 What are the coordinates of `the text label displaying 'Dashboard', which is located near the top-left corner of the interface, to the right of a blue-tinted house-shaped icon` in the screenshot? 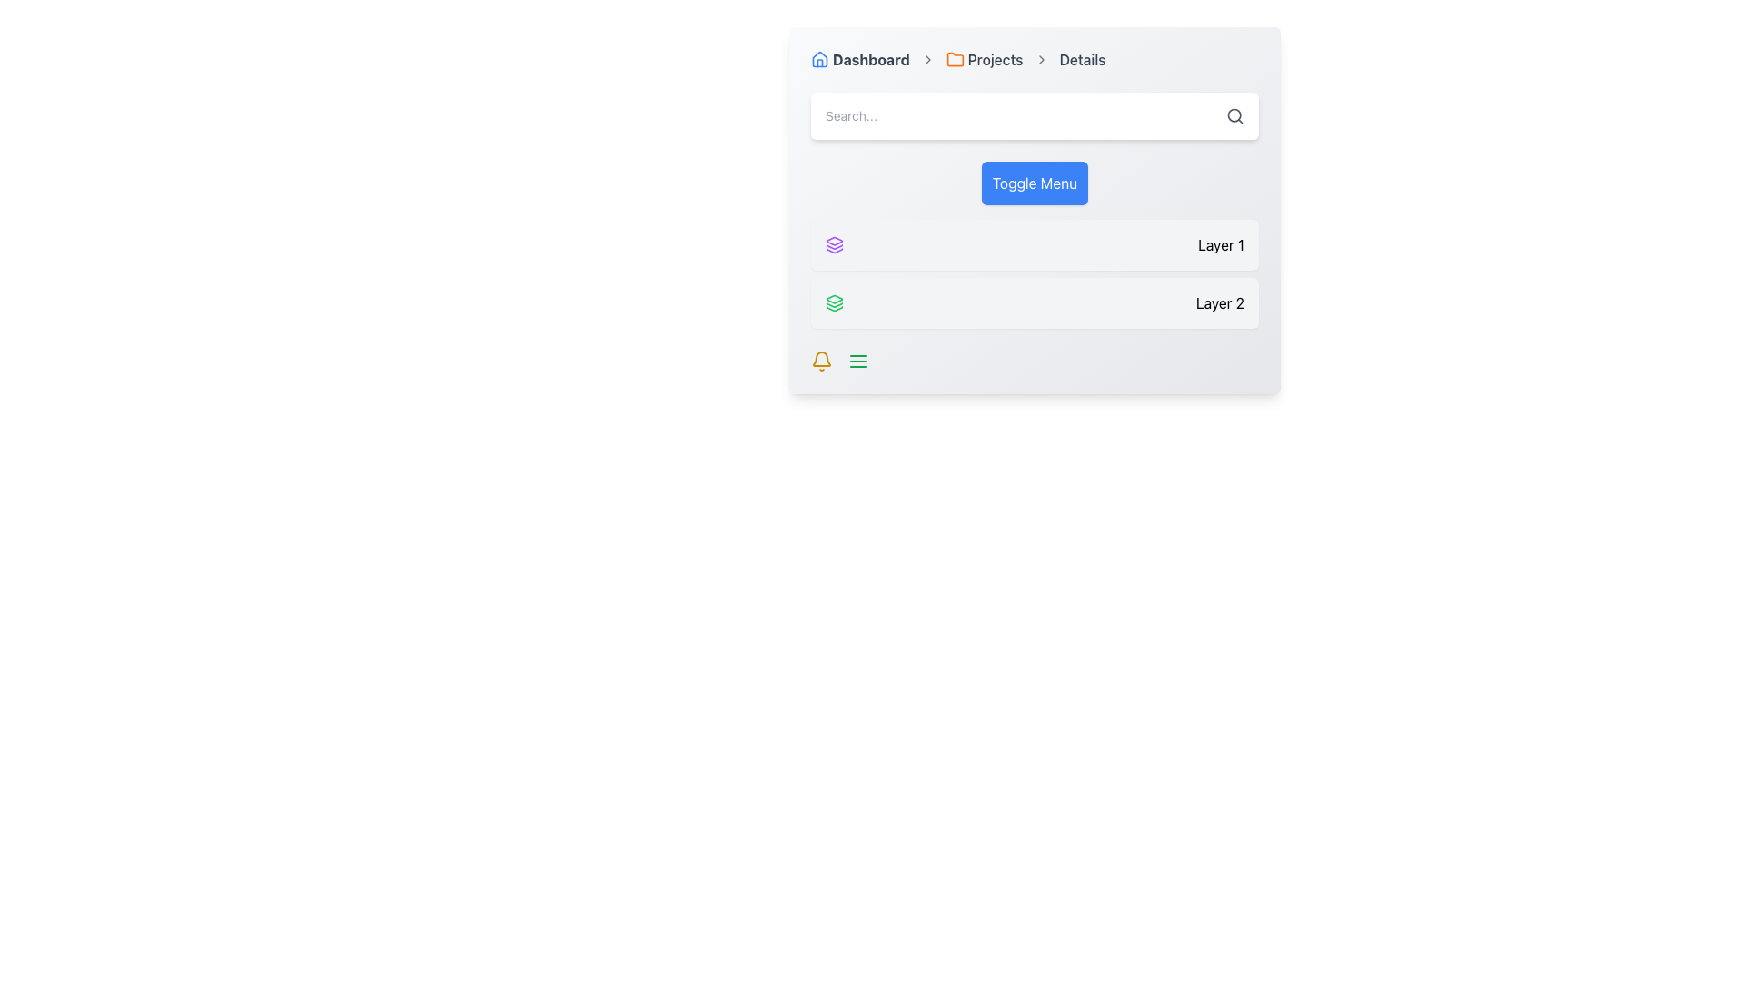 It's located at (870, 58).